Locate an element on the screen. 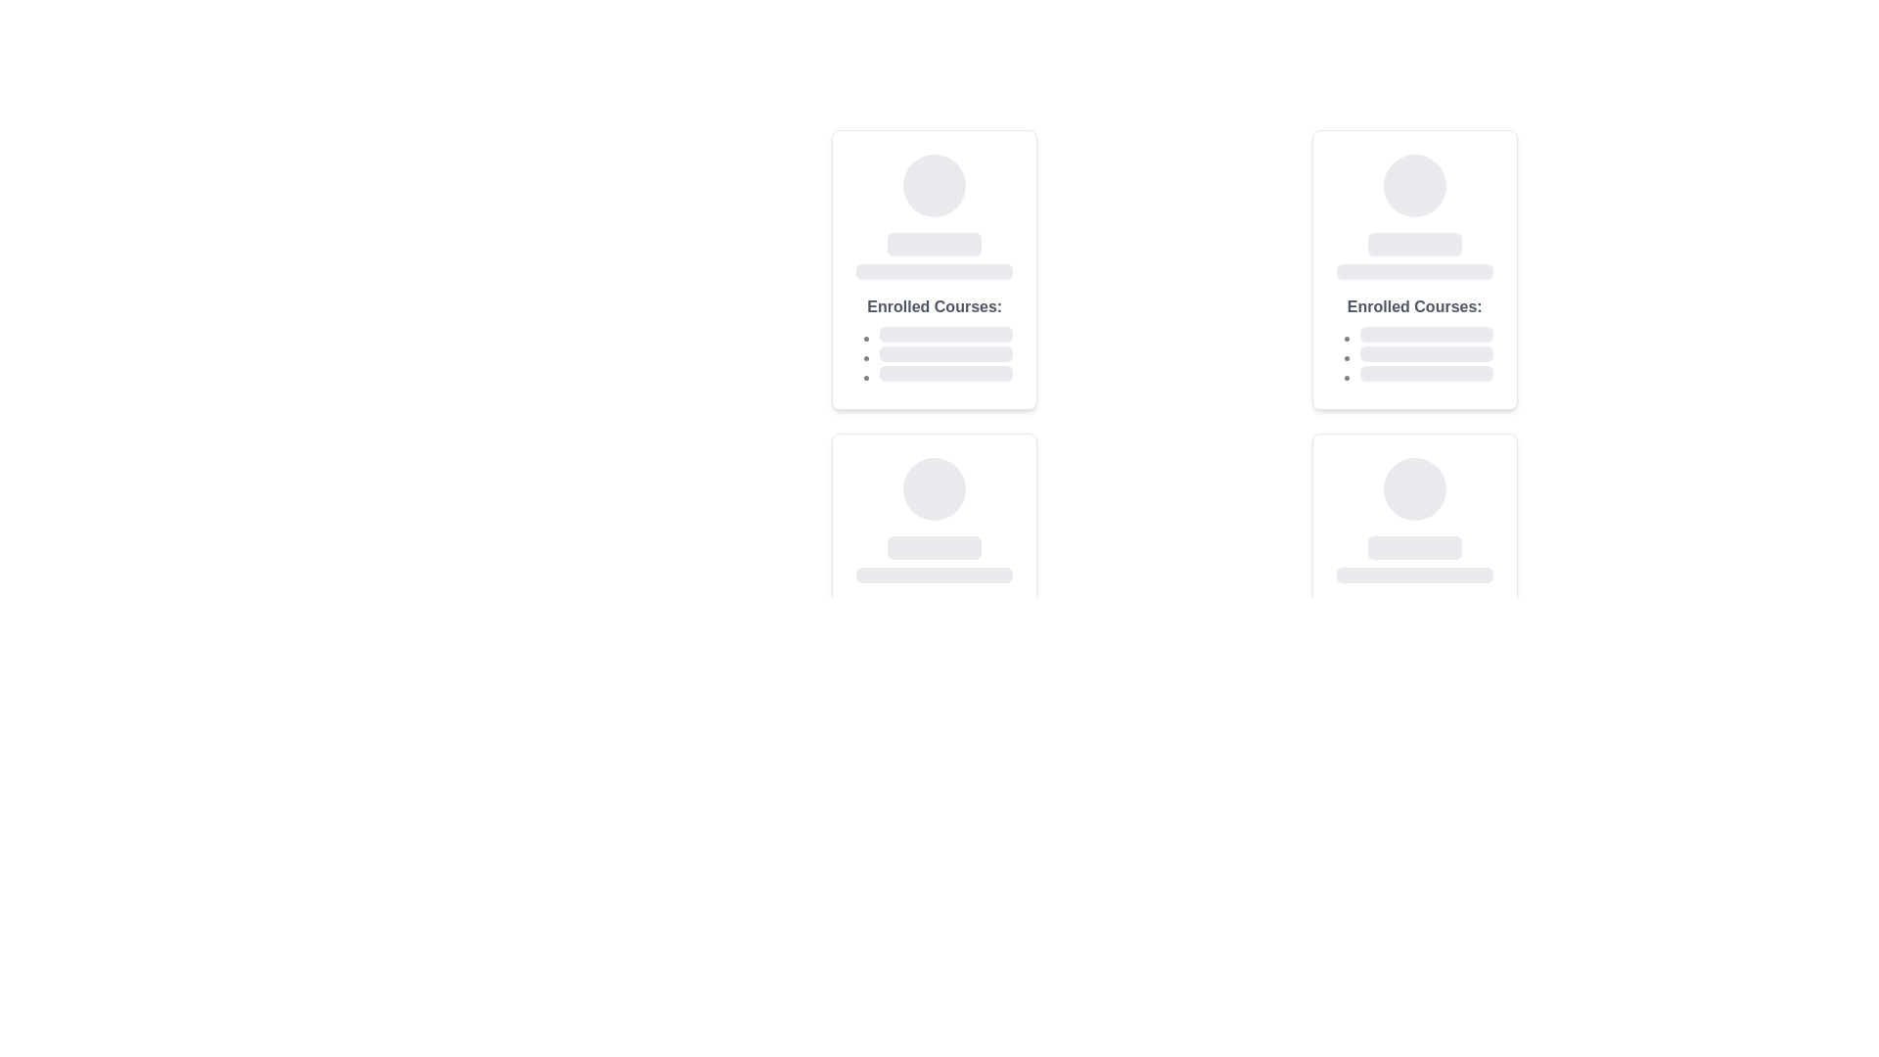 This screenshot has height=1057, width=1879. the Text Label that indicates the content of the section below it, which pertains to courses the user has enrolled in is located at coordinates (934, 306).